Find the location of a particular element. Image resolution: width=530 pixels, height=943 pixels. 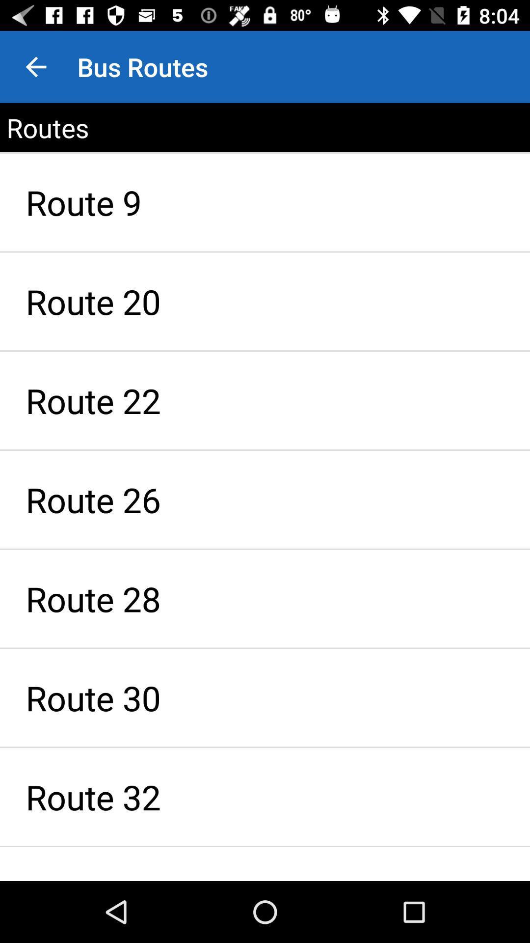

item below the route 26 icon is located at coordinates (265, 598).